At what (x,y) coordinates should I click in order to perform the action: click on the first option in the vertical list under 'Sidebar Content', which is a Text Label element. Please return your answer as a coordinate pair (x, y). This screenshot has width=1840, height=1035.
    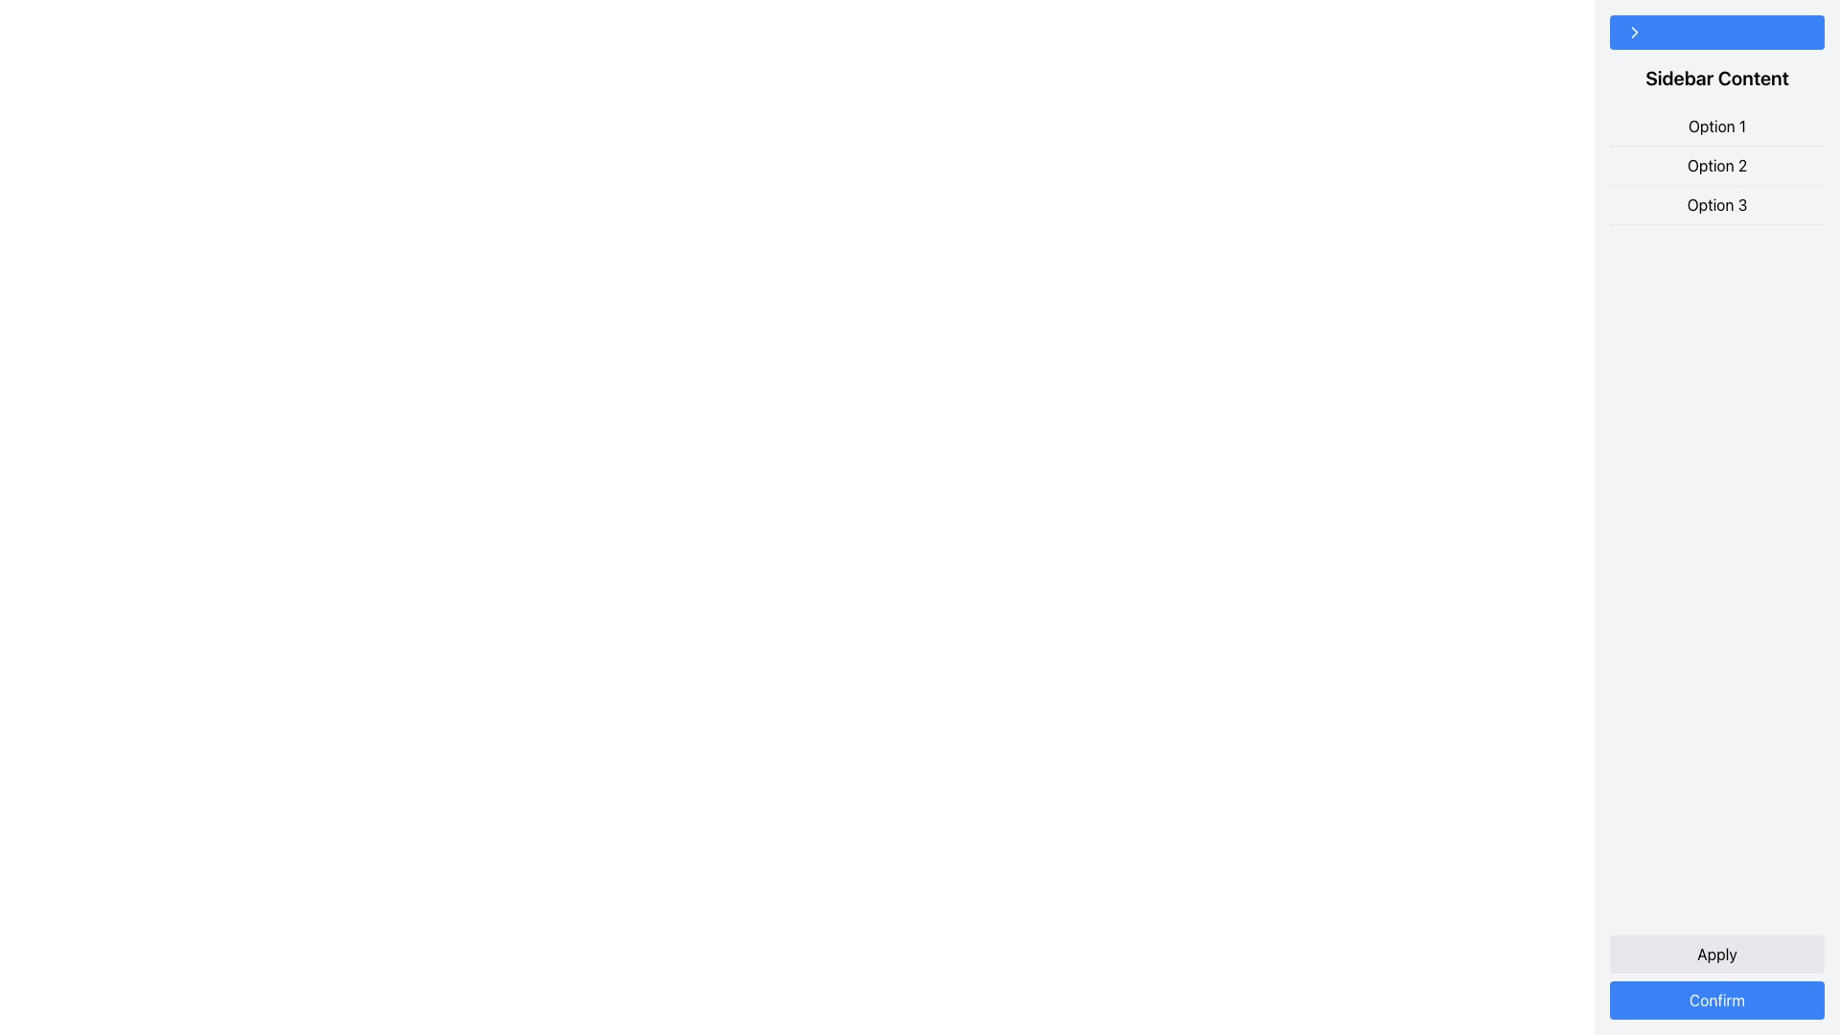
    Looking at the image, I should click on (1716, 126).